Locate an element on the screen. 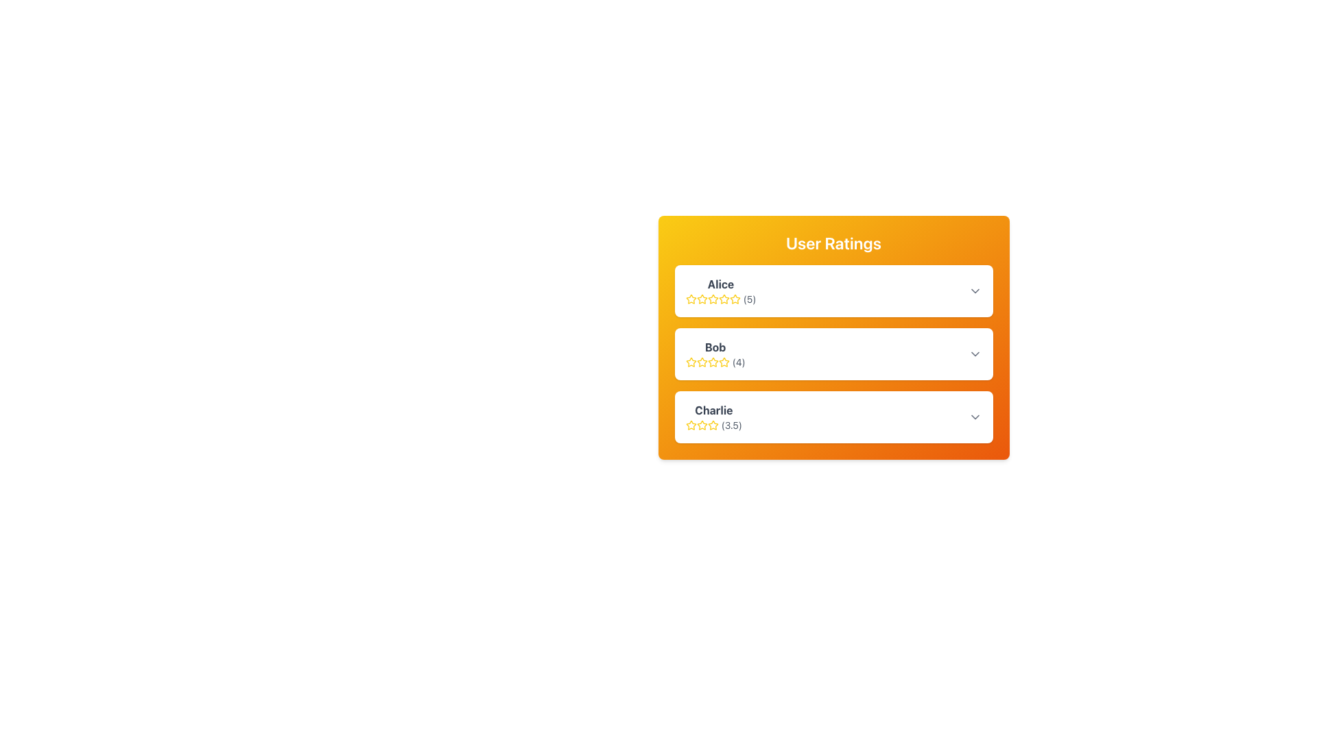 This screenshot has width=1317, height=740. text label displaying the star rating value located to the right of the five yellow star icons in the 'User Ratings' section for 'Alice' is located at coordinates (749, 298).